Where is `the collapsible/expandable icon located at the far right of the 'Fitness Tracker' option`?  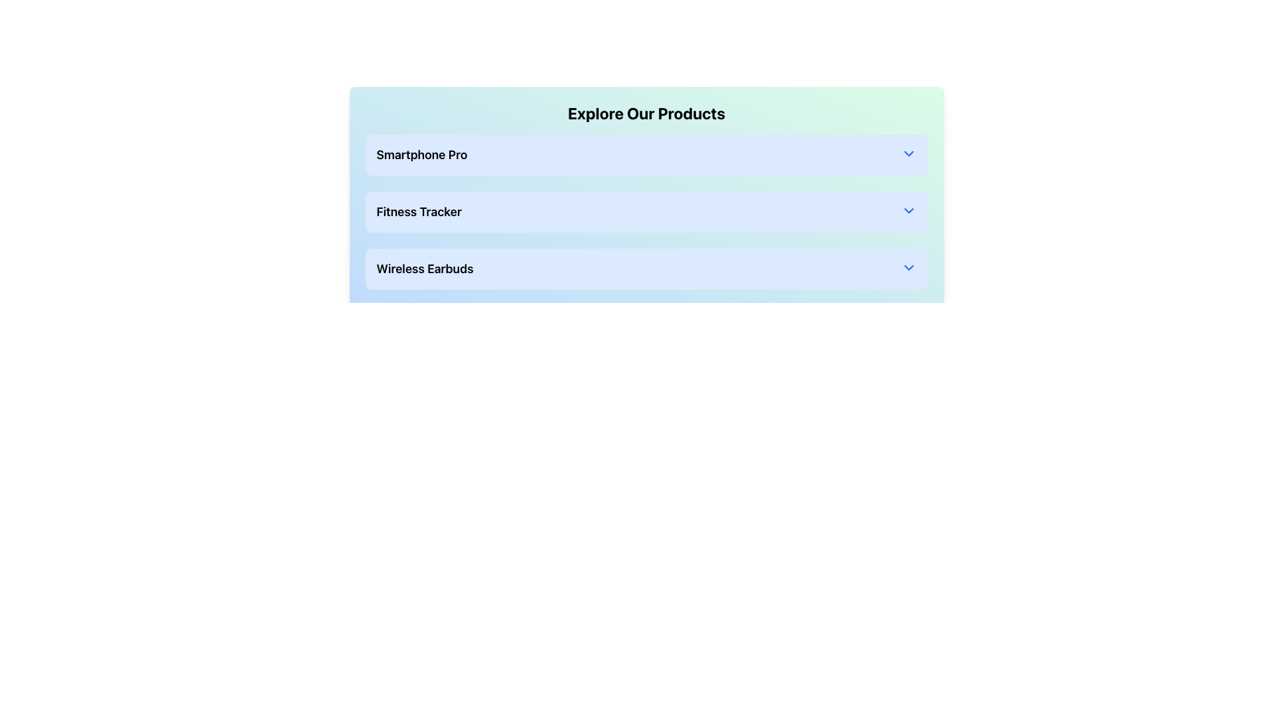
the collapsible/expandable icon located at the far right of the 'Fitness Tracker' option is located at coordinates (908, 209).